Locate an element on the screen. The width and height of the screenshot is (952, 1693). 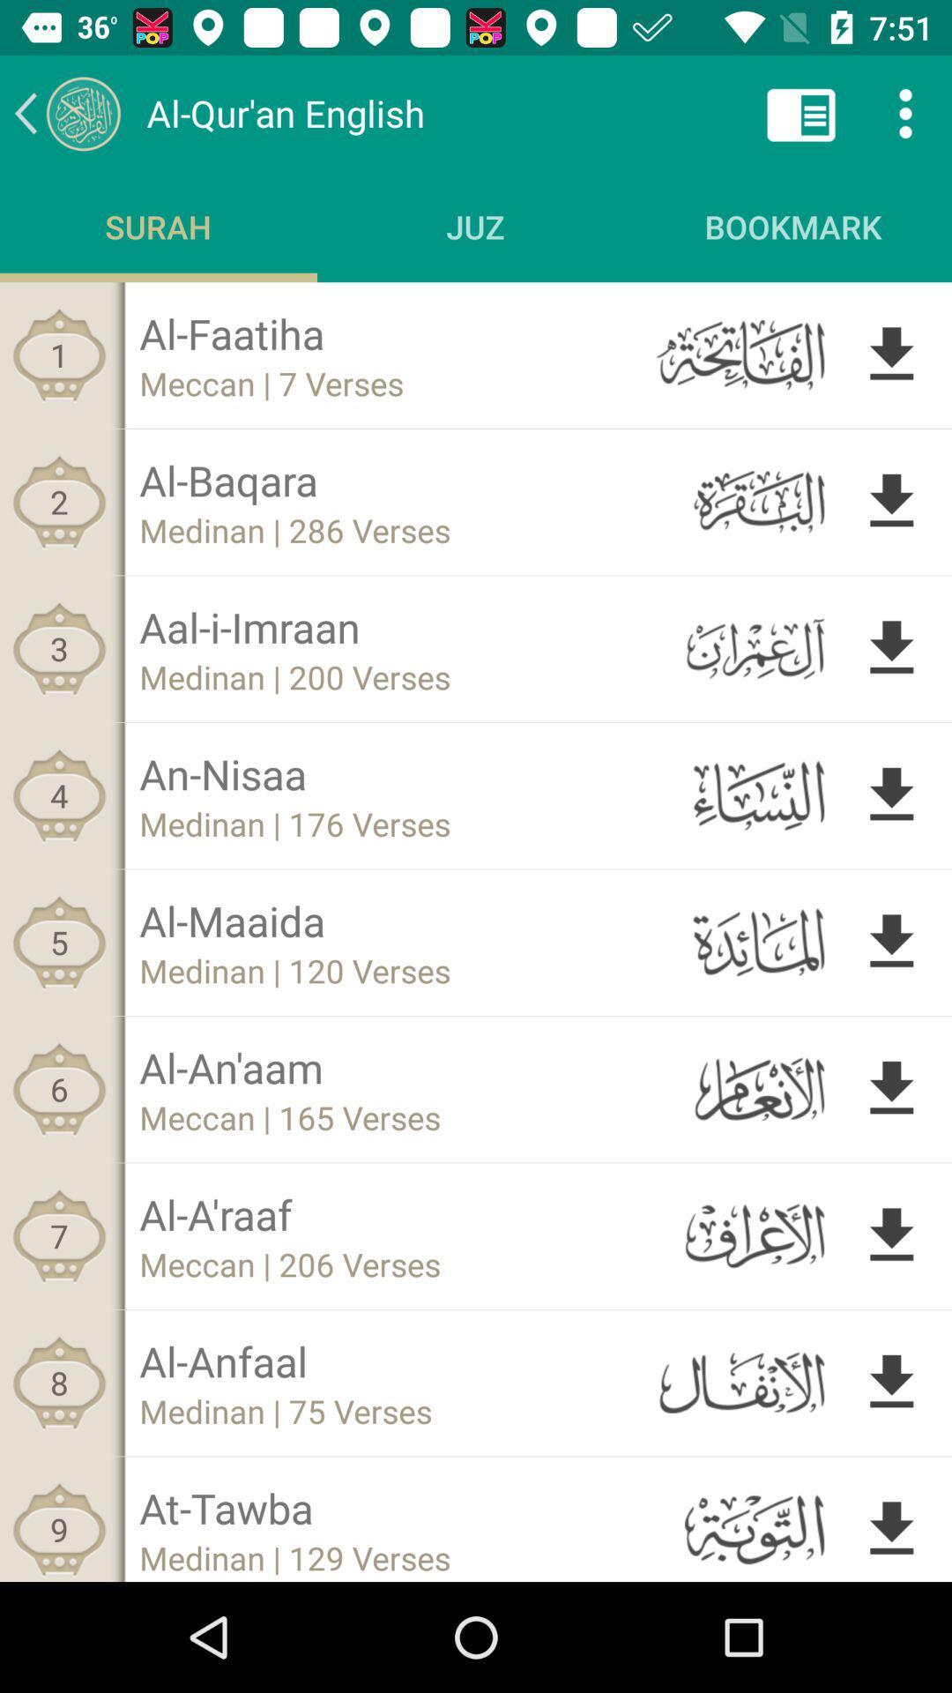
donwood is located at coordinates (891, 941).